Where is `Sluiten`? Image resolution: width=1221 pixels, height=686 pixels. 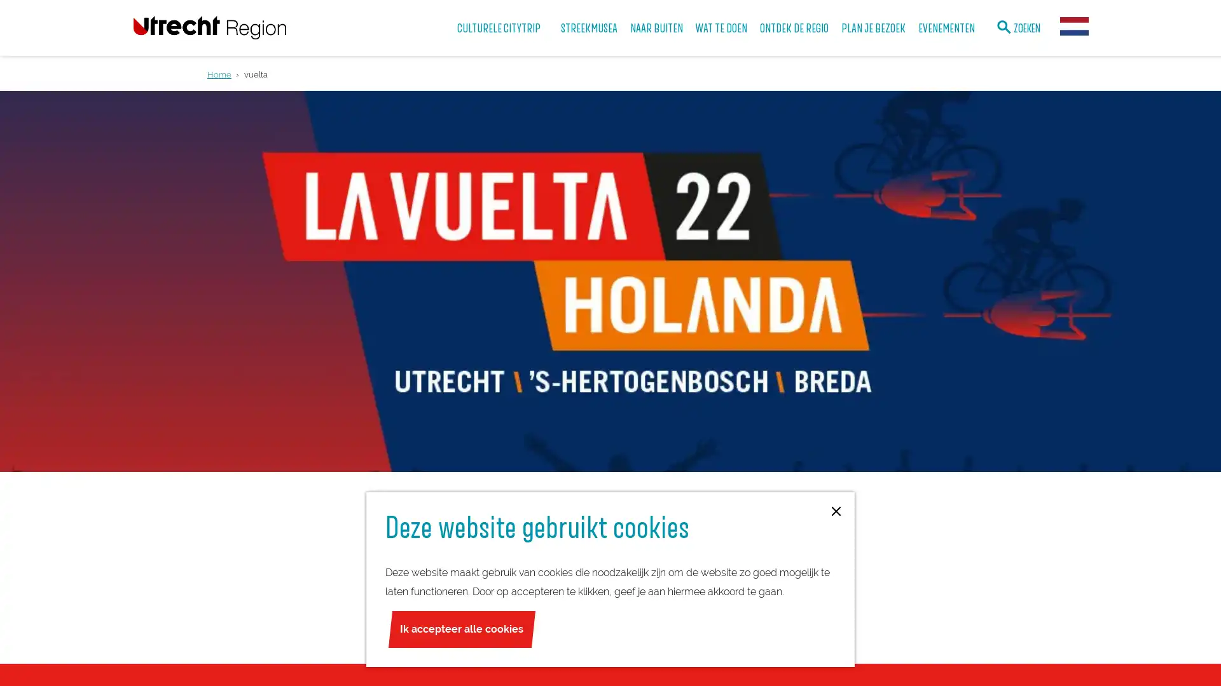 Sluiten is located at coordinates (836, 511).